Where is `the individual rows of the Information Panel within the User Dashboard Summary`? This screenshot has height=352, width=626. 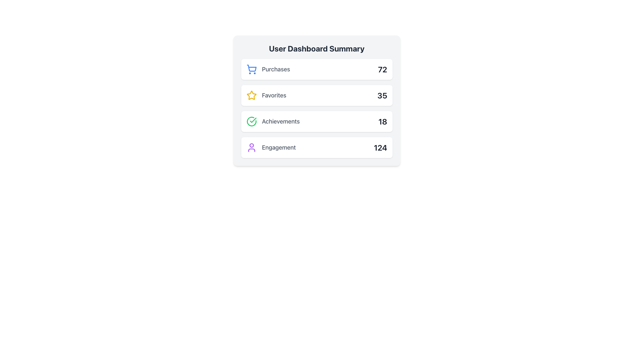
the individual rows of the Information Panel within the User Dashboard Summary is located at coordinates (317, 108).